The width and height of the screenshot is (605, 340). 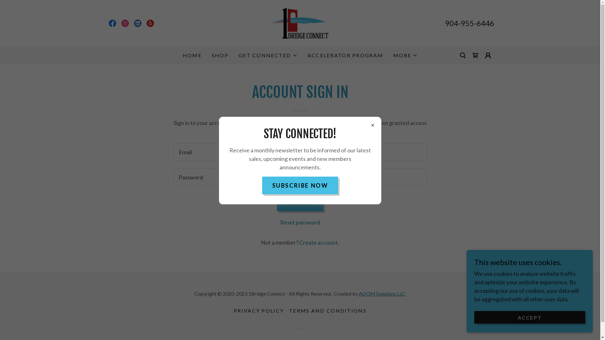 What do you see at coordinates (268, 55) in the screenshot?
I see `'GET CONNECTED'` at bounding box center [268, 55].